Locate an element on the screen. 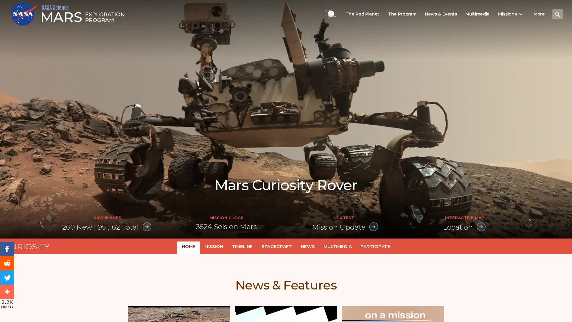  Previous is located at coordinates (41, 224).